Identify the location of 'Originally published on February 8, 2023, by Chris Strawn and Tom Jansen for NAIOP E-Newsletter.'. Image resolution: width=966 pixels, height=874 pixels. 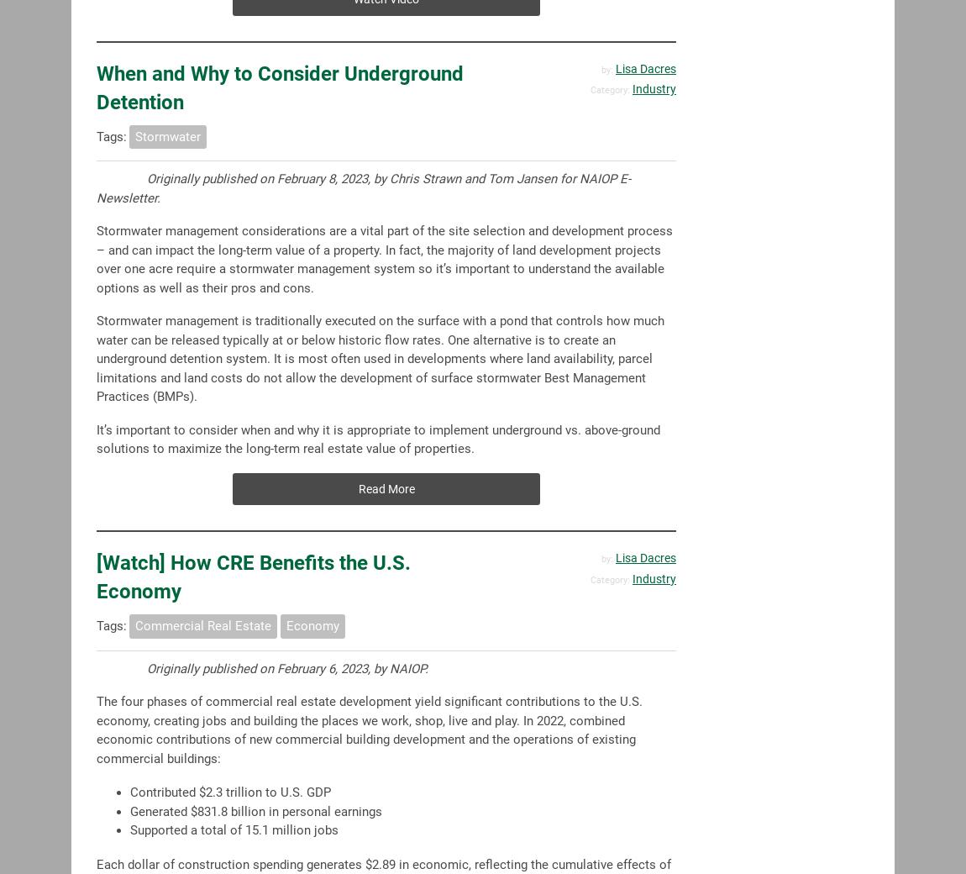
(96, 188).